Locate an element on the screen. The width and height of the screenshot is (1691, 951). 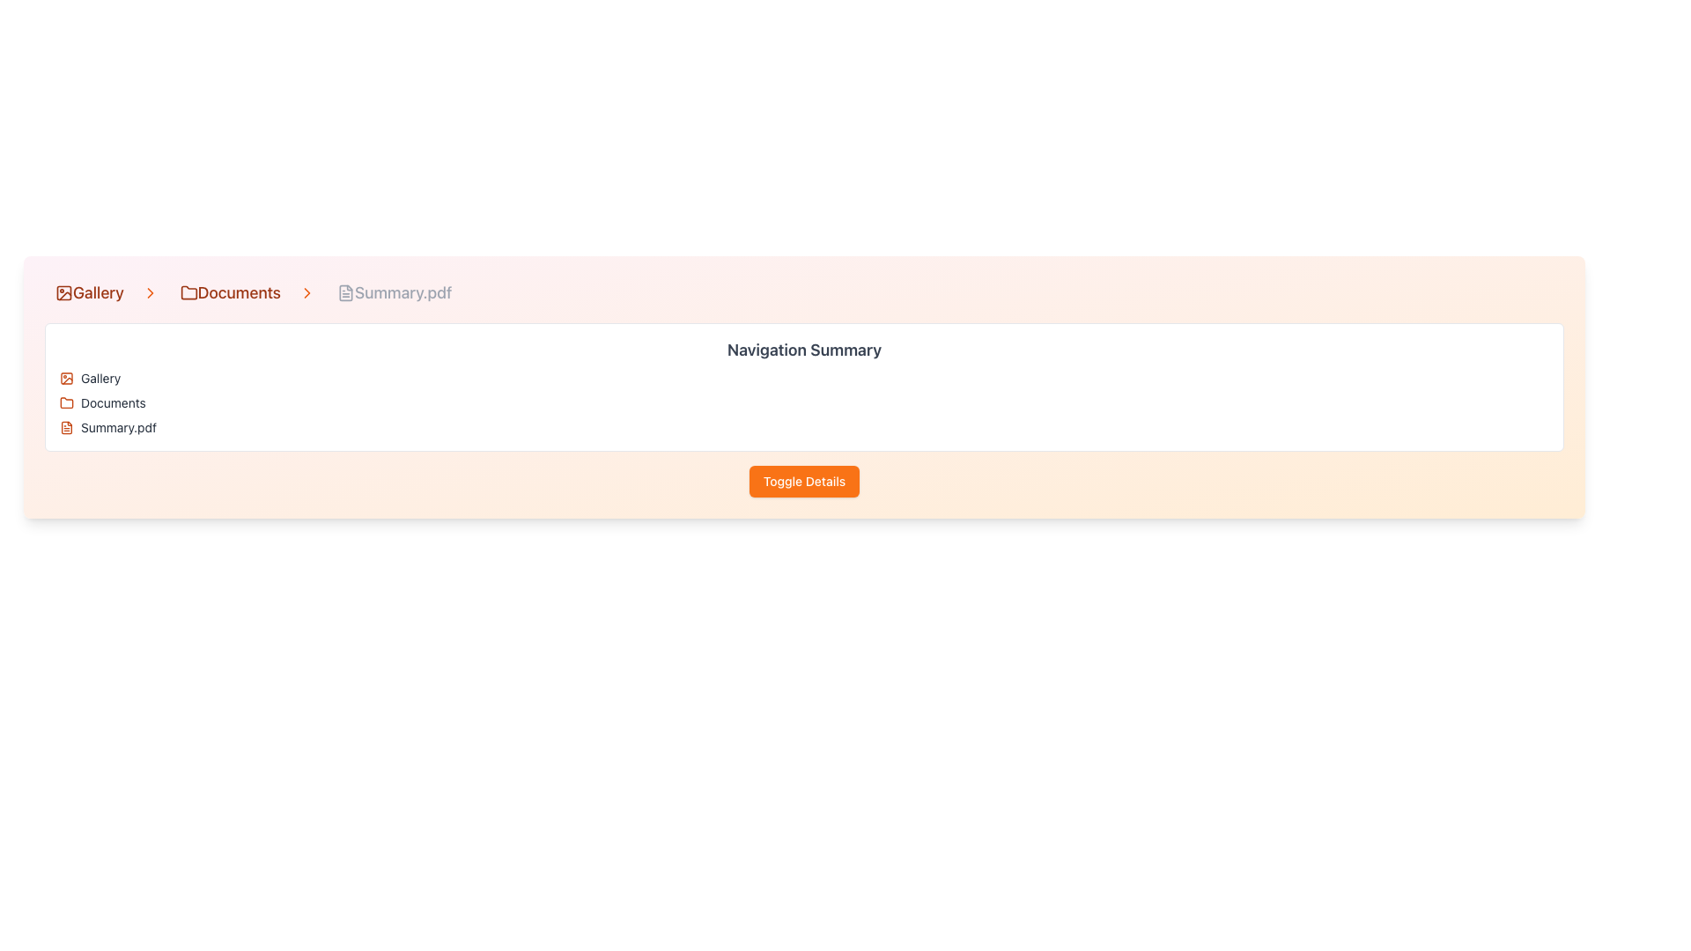
the 'Summary.pdf' file icon located is located at coordinates (67, 428).